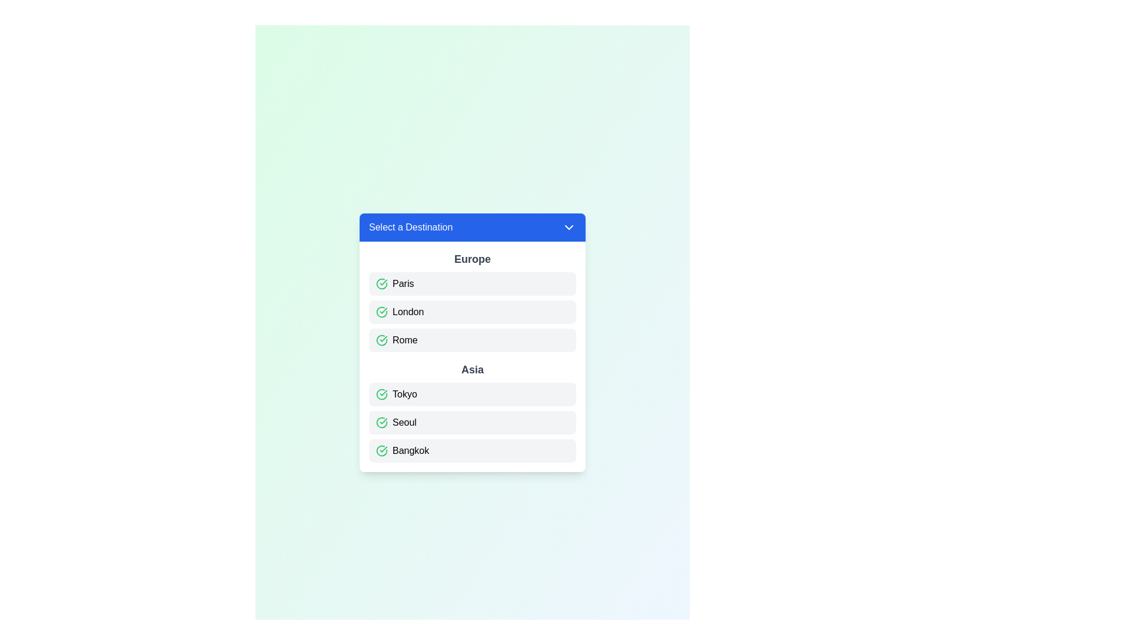 This screenshot has height=635, width=1130. I want to click on the button labeled 'Seoul', which is the second option under the 'Asia' section of the dropdown menu, so click(404, 422).